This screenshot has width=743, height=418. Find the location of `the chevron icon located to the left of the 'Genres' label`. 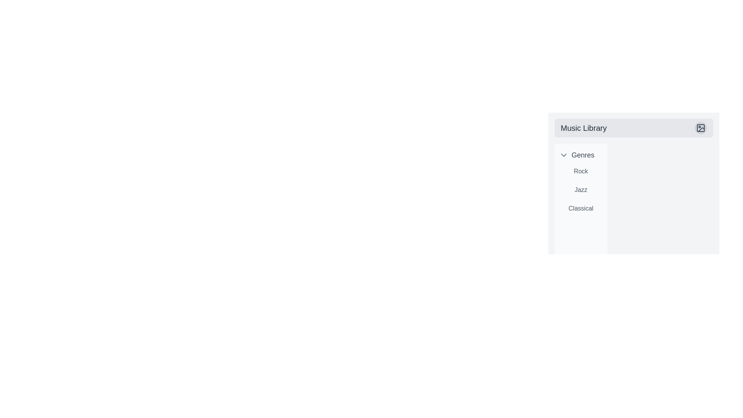

the chevron icon located to the left of the 'Genres' label is located at coordinates (564, 155).